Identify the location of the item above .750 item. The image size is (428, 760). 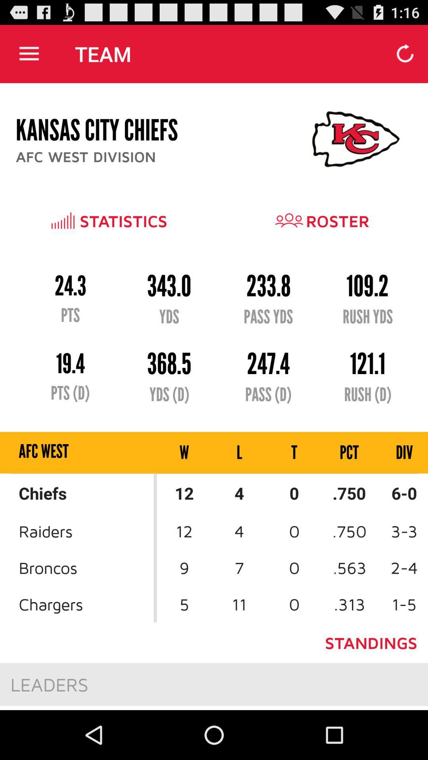
(397, 452).